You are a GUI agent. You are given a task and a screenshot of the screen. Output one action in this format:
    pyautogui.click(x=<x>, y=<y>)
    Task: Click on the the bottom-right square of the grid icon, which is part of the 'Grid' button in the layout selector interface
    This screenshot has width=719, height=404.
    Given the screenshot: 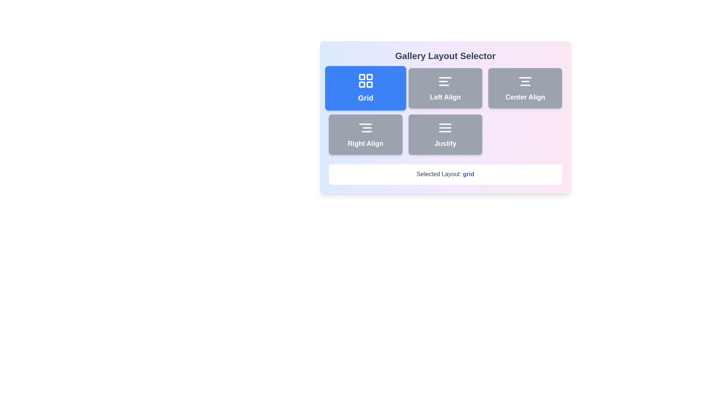 What is the action you would take?
    pyautogui.click(x=369, y=84)
    